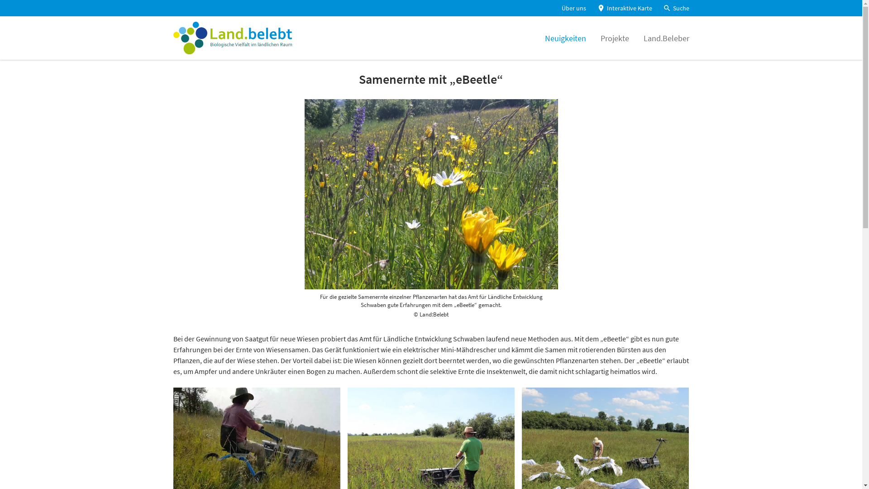 The width and height of the screenshot is (869, 489). What do you see at coordinates (666, 37) in the screenshot?
I see `'Land.Beleber'` at bounding box center [666, 37].